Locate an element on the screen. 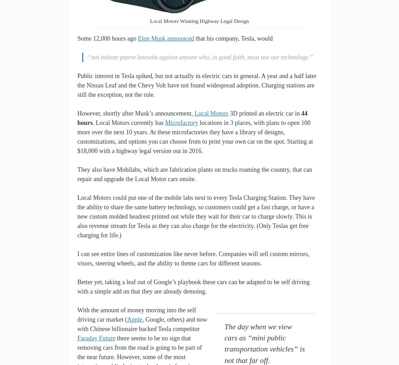  'Better yet, taking a leaf out of Google’s playbook these cars can be adapted to be self driving with a simple add on that they are already demoing.' is located at coordinates (193, 287).